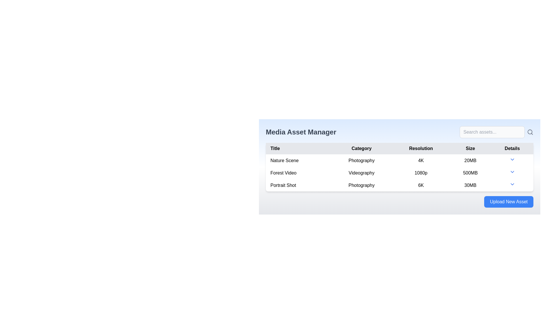  I want to click on text content of the 'Category' label located in the 'Nature Scene' row of the table, so click(361, 160).